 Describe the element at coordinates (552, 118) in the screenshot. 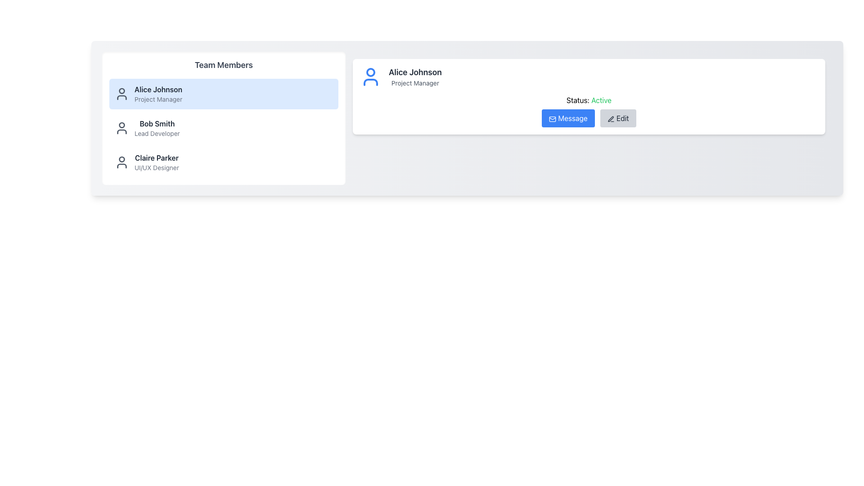

I see `the upper blue rectangle within the envelope icon of the 'Message' button in Alice Johnson's profile details` at that location.